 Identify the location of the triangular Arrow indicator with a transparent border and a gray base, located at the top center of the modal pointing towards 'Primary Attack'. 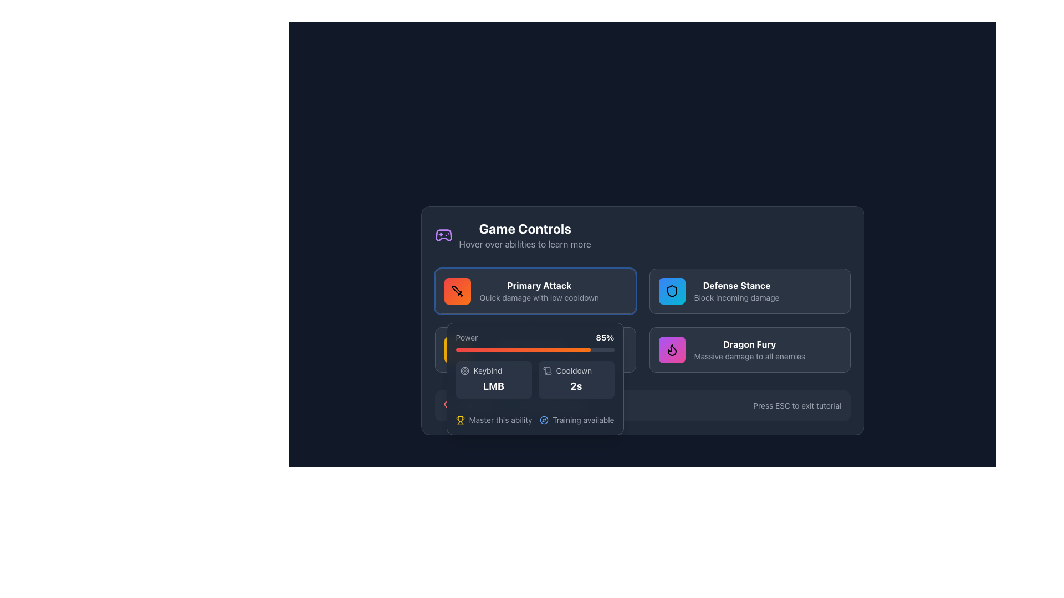
(535, 323).